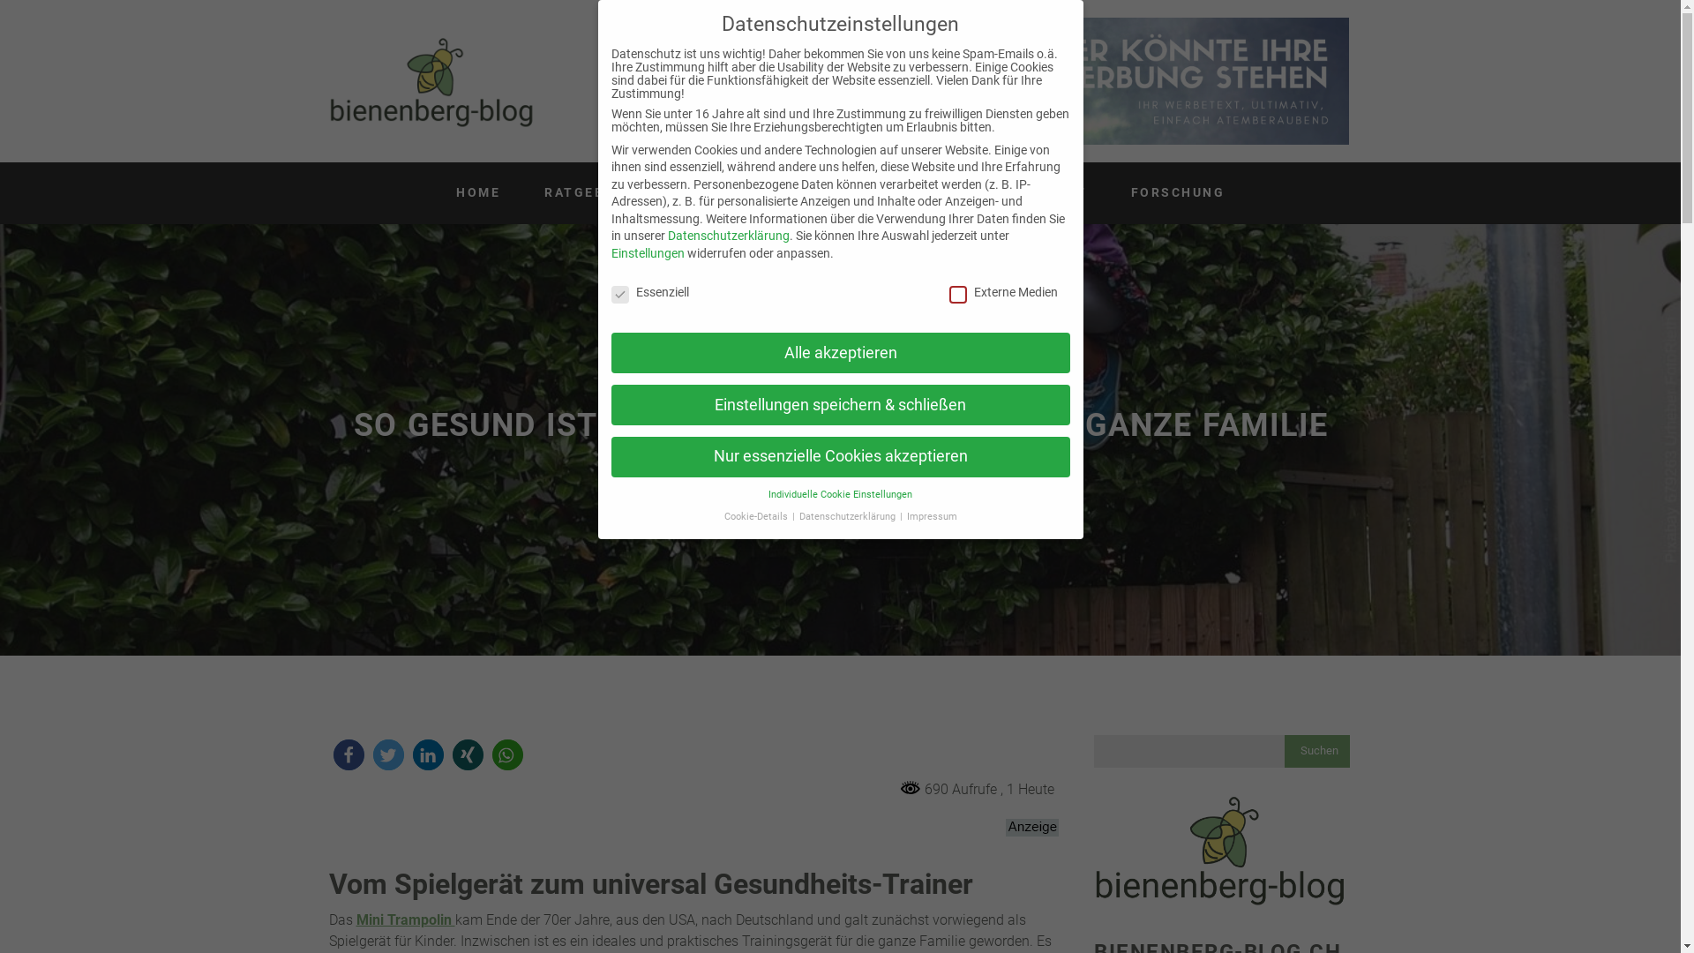  I want to click on 'HOME', so click(438, 193).